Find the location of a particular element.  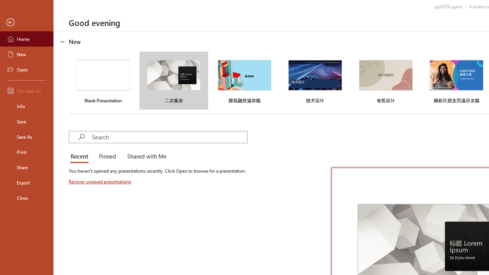

'Recent' is located at coordinates (81, 157).